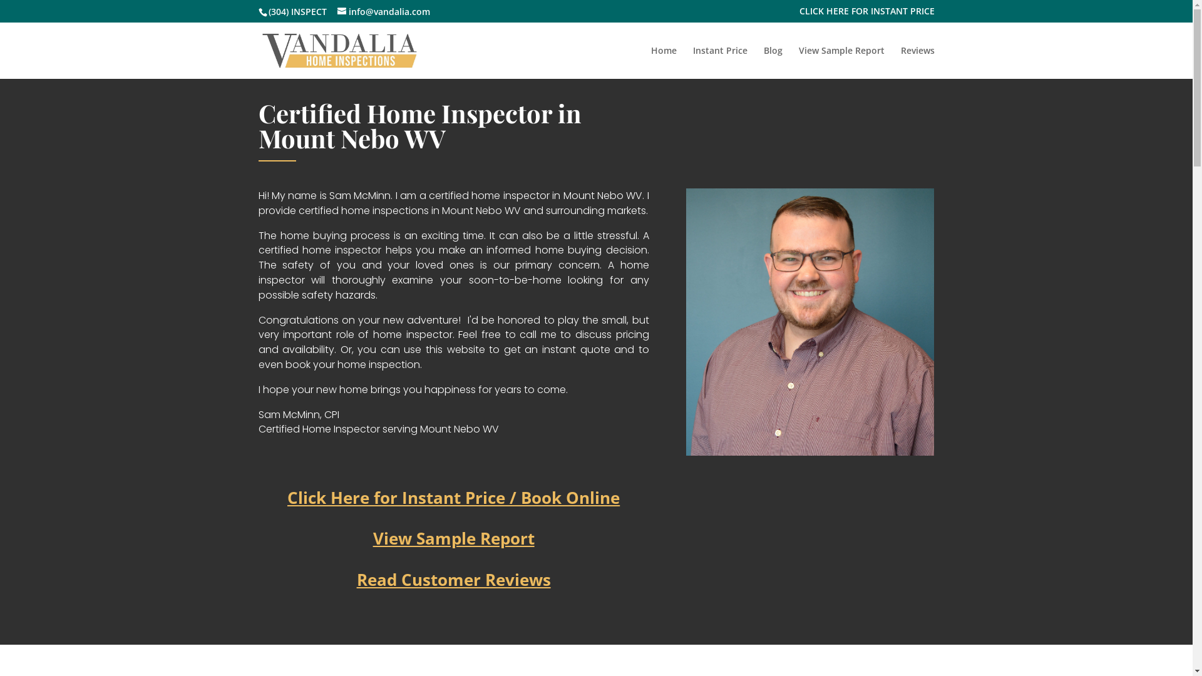 This screenshot has height=676, width=1202. What do you see at coordinates (772, 63) in the screenshot?
I see `'Blog'` at bounding box center [772, 63].